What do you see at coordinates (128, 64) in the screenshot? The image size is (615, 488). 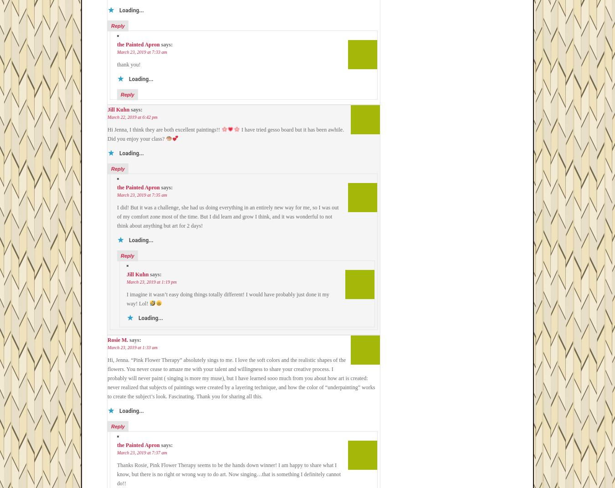 I see `'thank you!'` at bounding box center [128, 64].